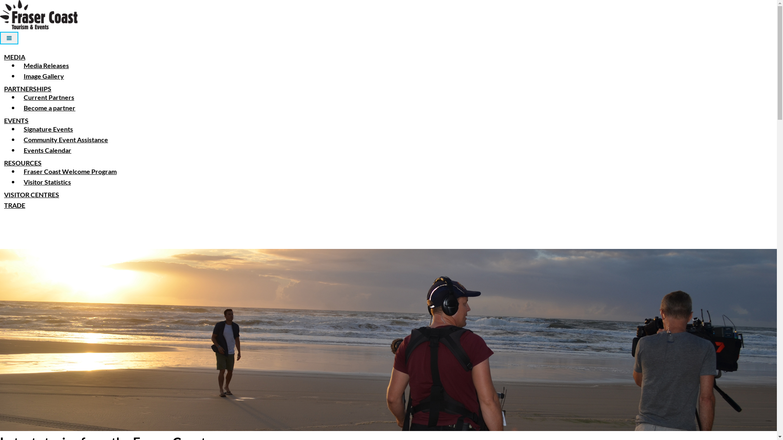 The width and height of the screenshot is (783, 440). Describe the element at coordinates (47, 150) in the screenshot. I see `'Events Calendar'` at that location.